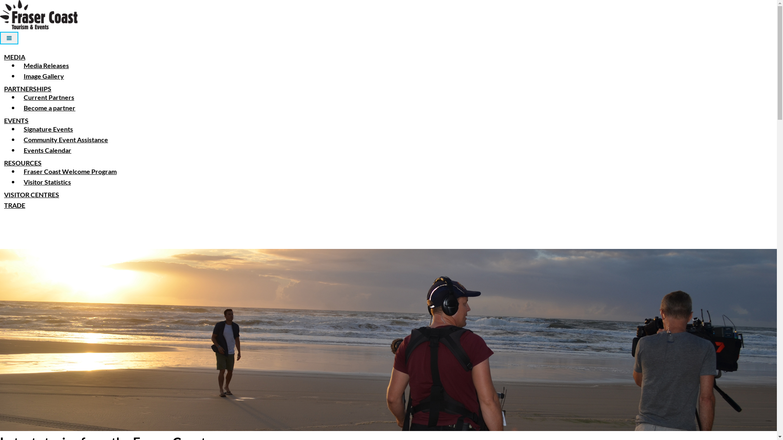 The width and height of the screenshot is (783, 440). Describe the element at coordinates (47, 150) in the screenshot. I see `'Events Calendar'` at that location.